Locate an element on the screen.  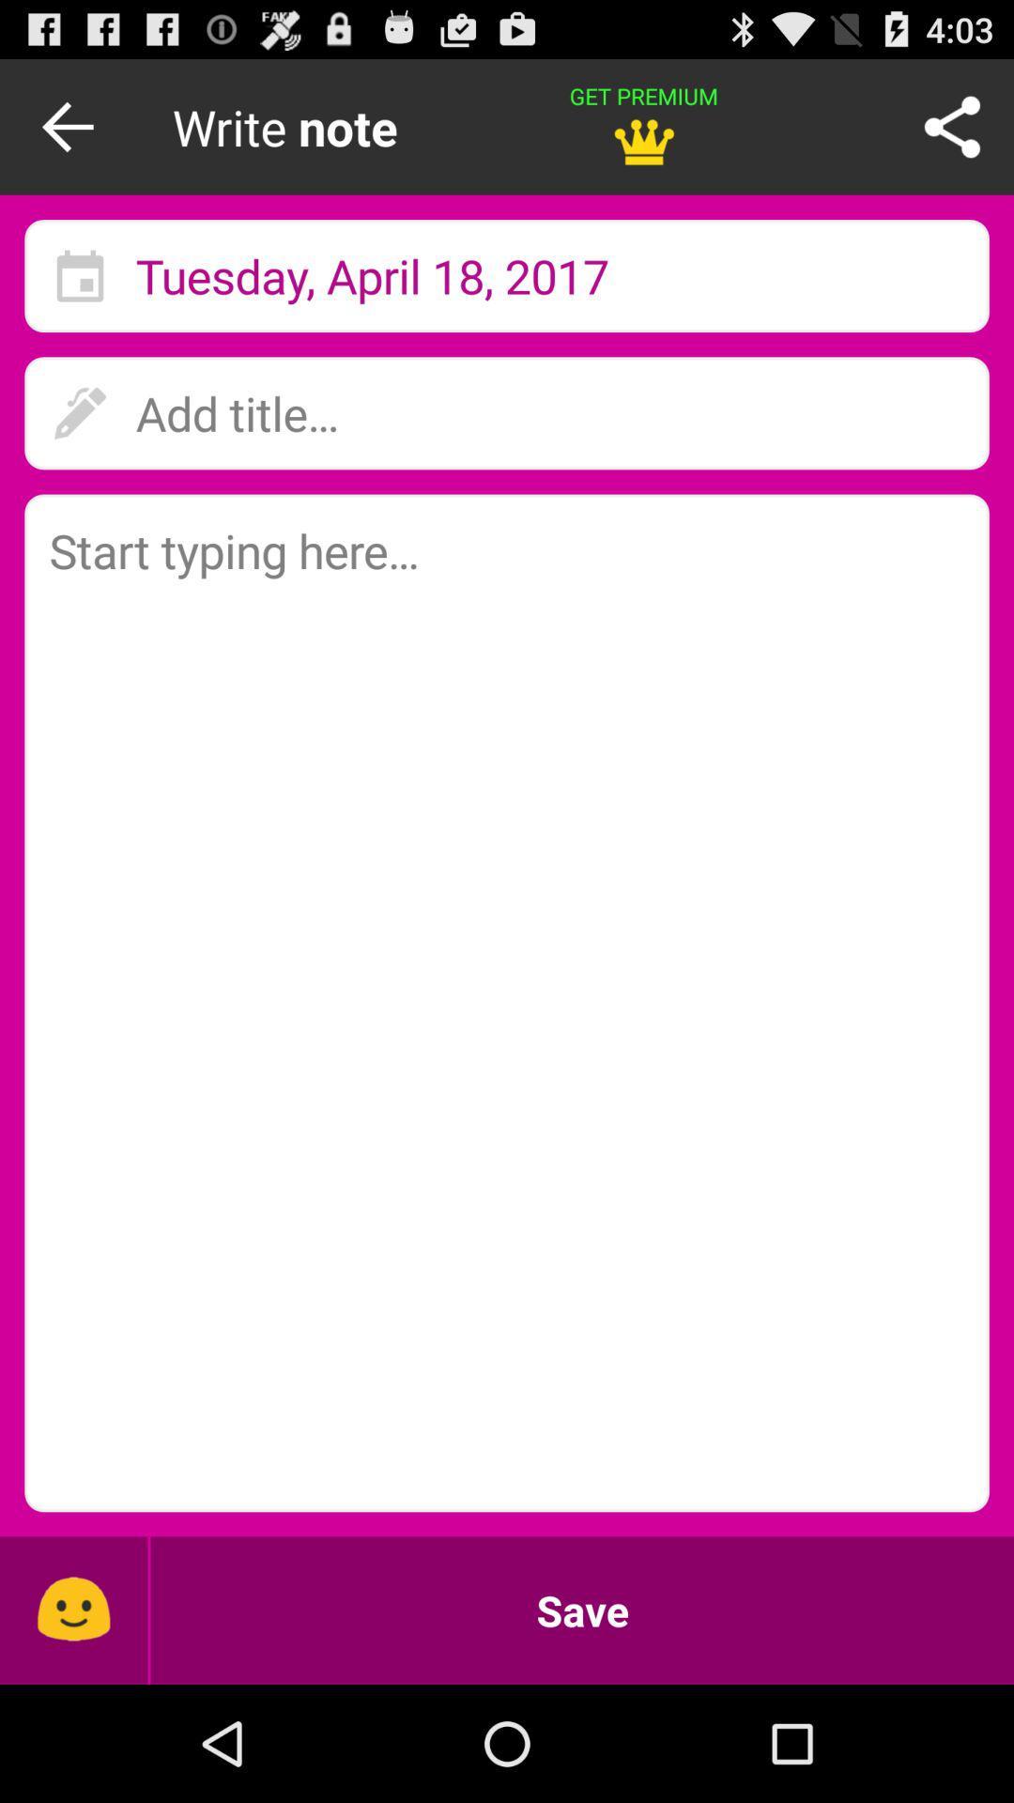
the emoji icon is located at coordinates (72, 1723).